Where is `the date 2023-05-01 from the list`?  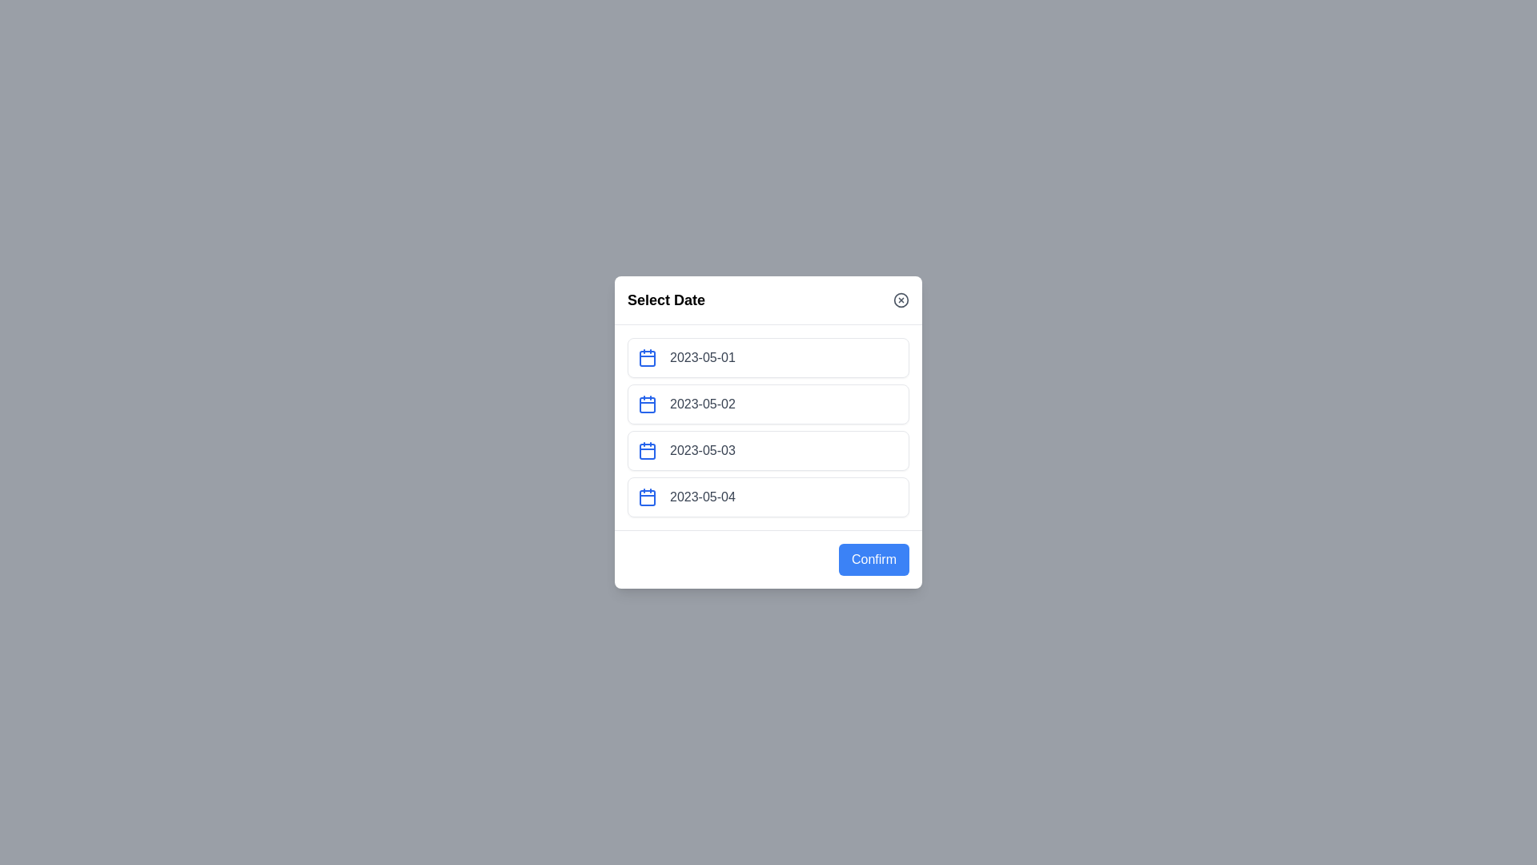
the date 2023-05-01 from the list is located at coordinates (768, 357).